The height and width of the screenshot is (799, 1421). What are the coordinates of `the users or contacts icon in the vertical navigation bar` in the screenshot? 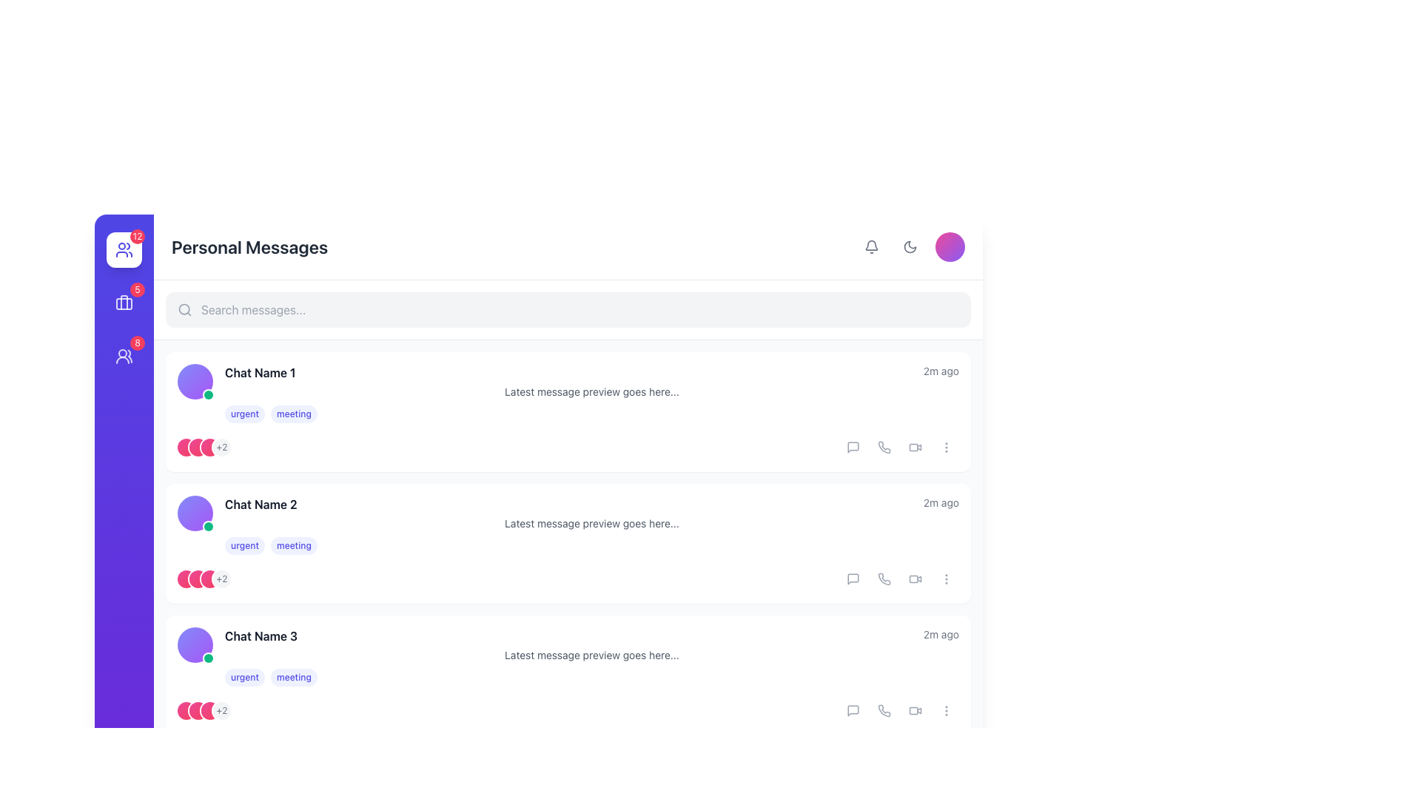 It's located at (124, 249).